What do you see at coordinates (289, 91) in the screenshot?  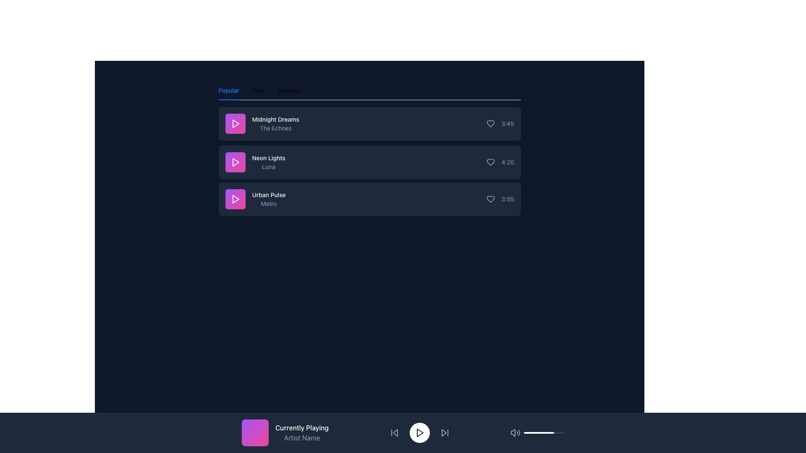 I see `the 'Workout' tab, which is the third tab in a horizontal list` at bounding box center [289, 91].